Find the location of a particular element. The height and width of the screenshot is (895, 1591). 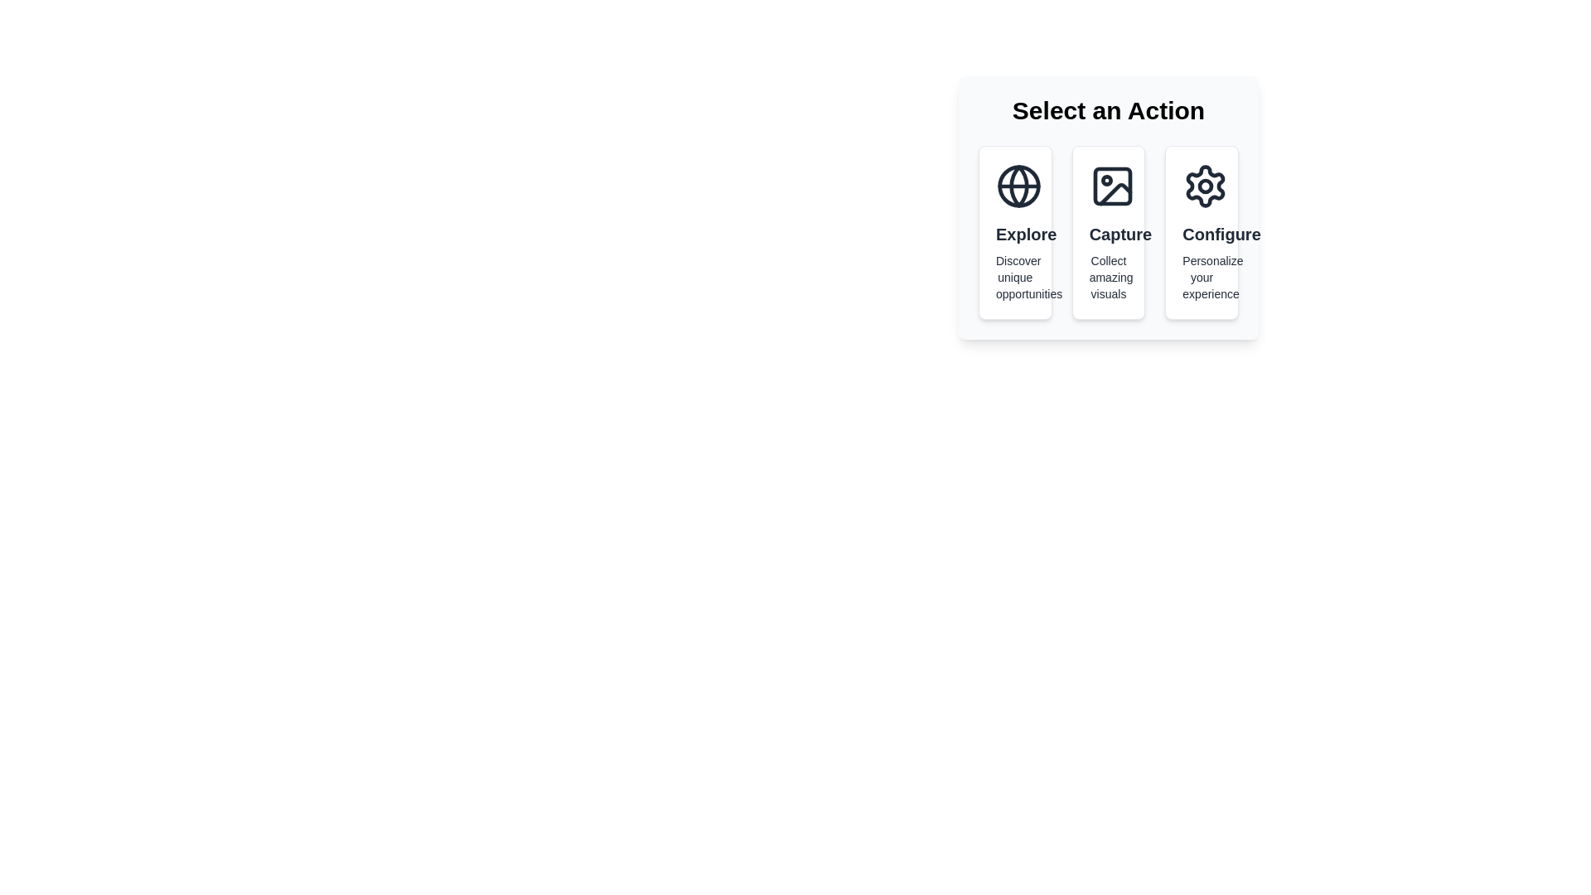

the settings icon located in the rightmost card titled 'Configure', which is the fourth icon in a horizontal layout is located at coordinates (1206, 186).